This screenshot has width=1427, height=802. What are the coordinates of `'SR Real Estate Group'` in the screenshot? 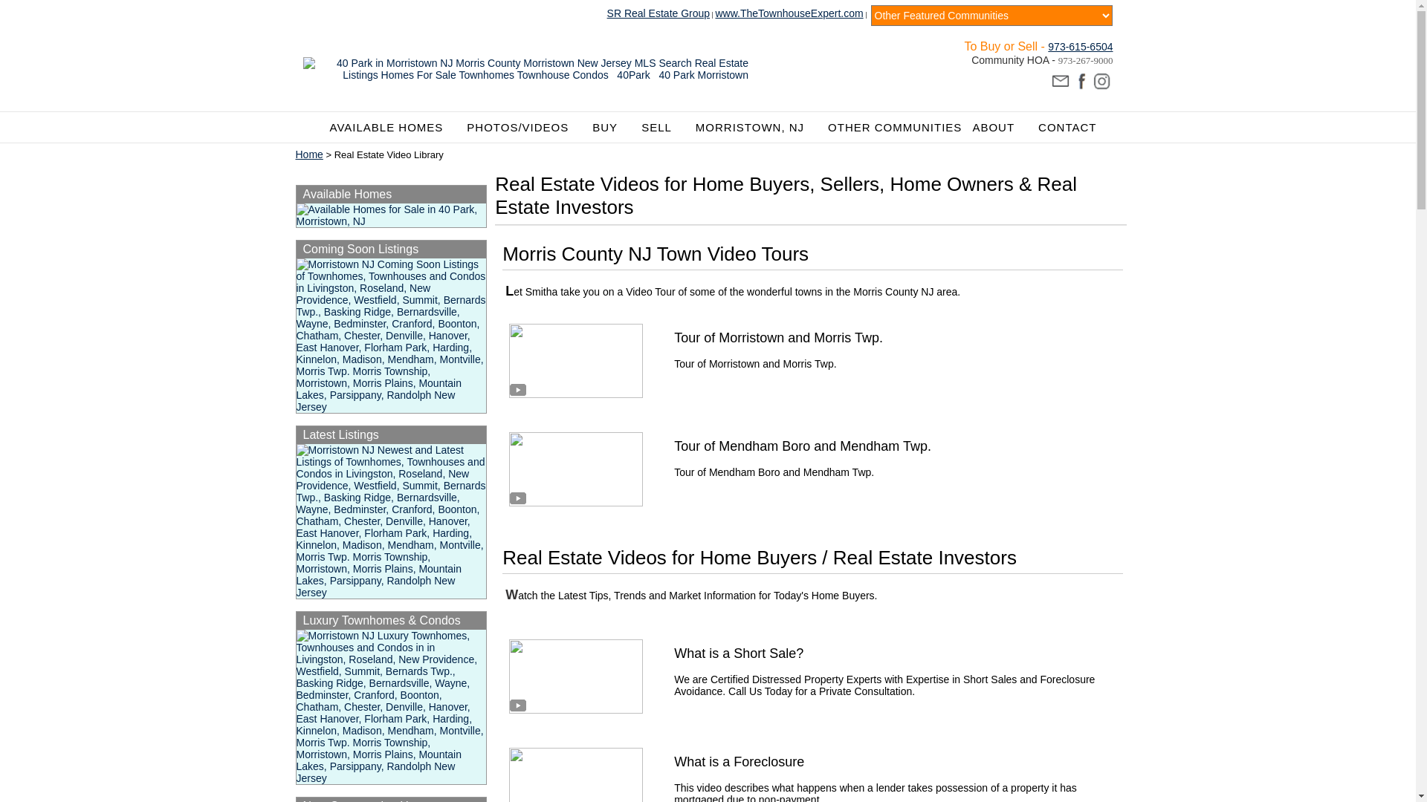 It's located at (658, 13).